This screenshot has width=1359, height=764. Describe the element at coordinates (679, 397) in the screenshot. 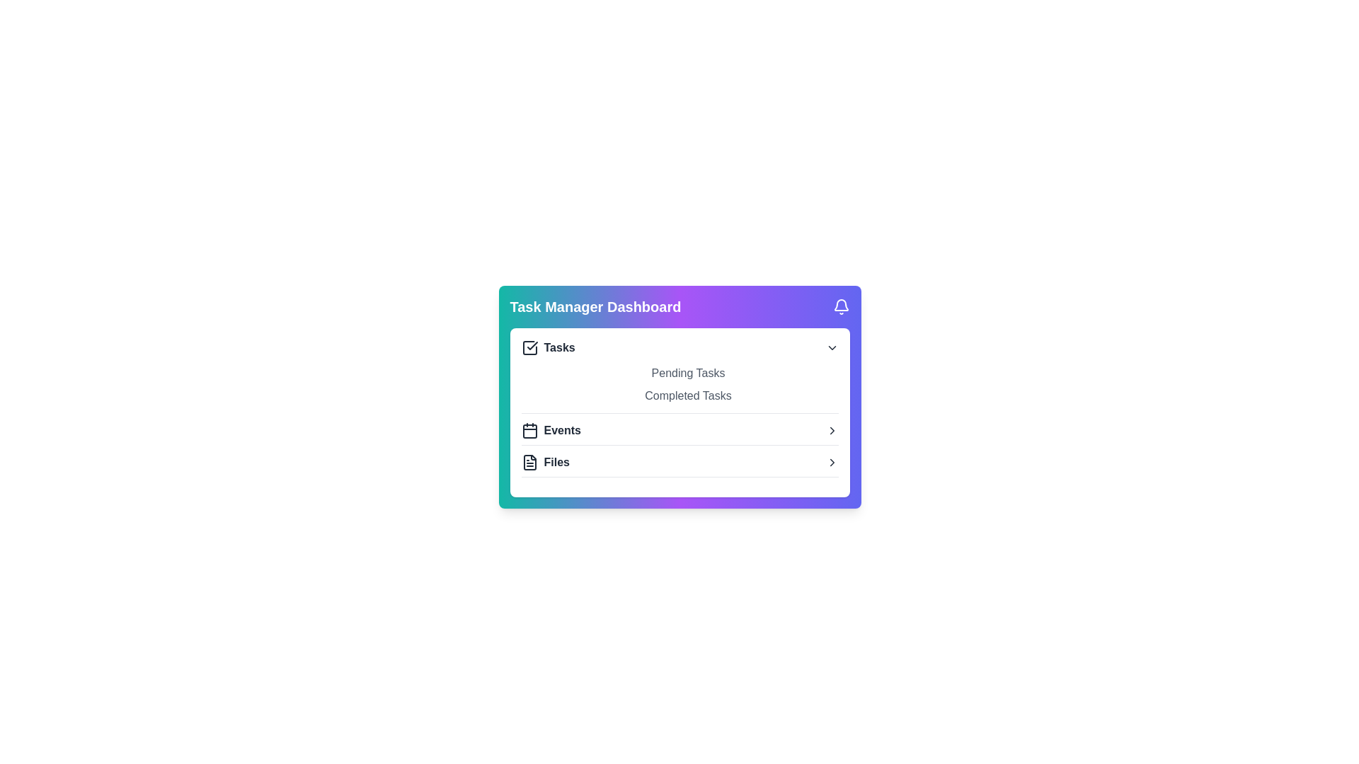

I see `the 'Completed Tasks' section within the task management dashboard` at that location.